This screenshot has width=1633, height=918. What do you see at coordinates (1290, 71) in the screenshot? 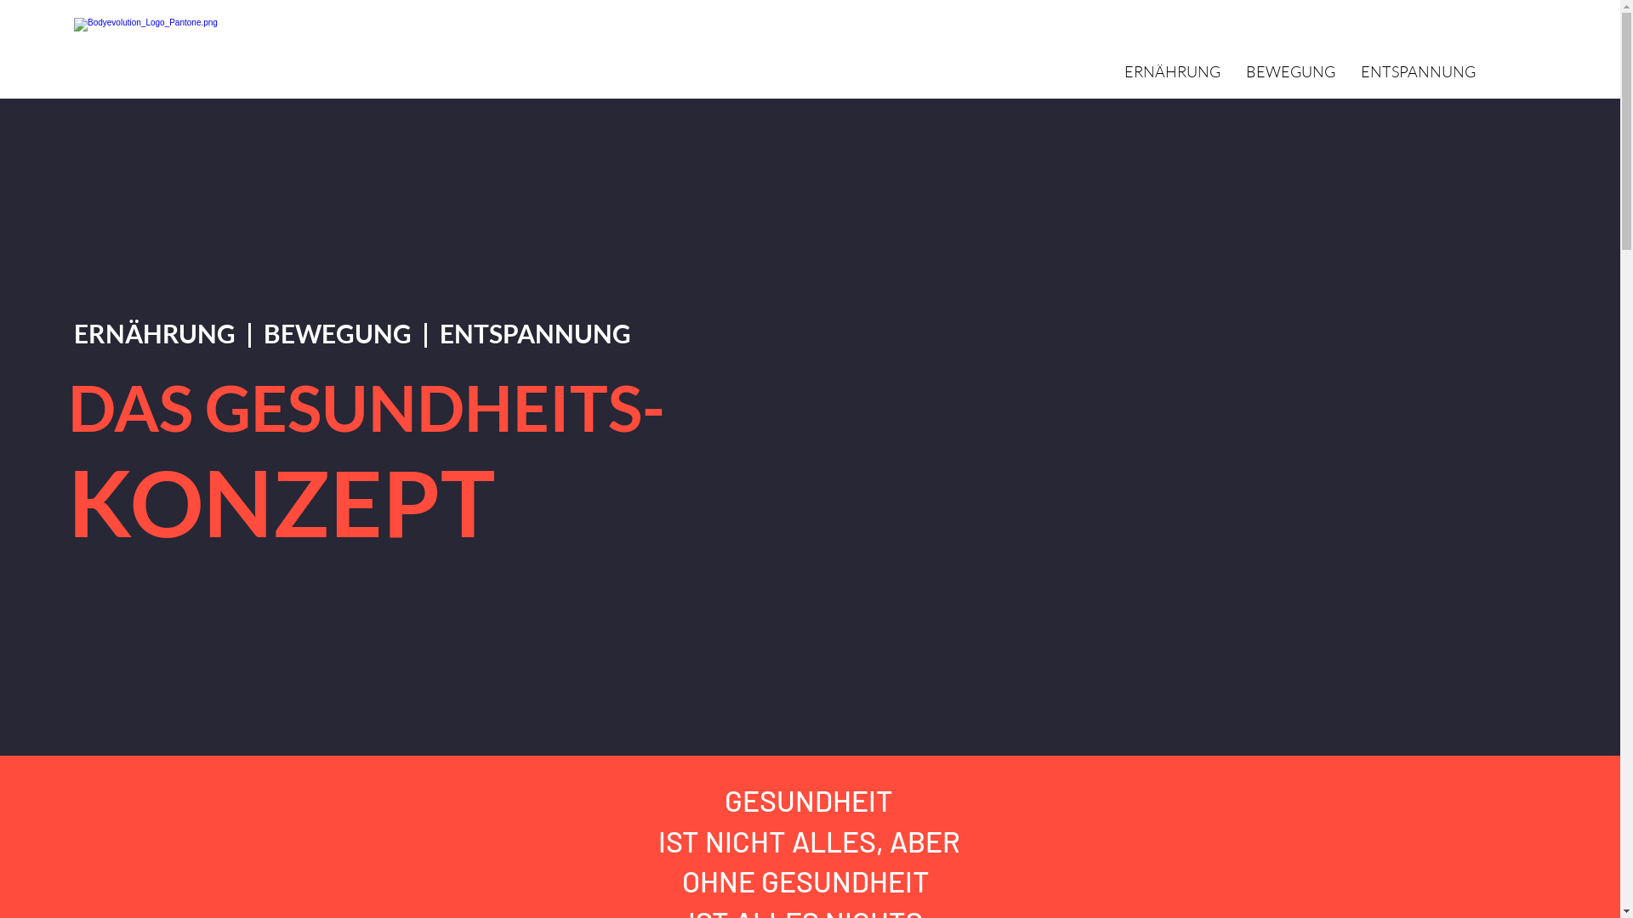
I see `'BEWEGUNG'` at bounding box center [1290, 71].